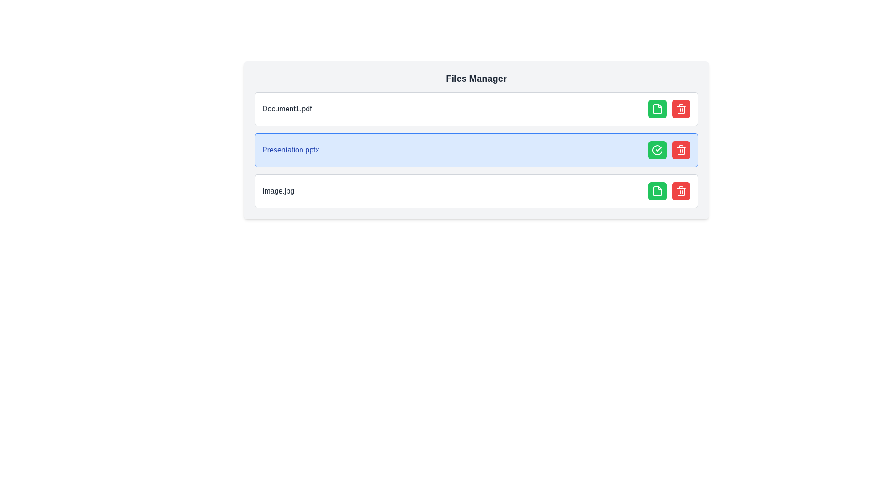 This screenshot has width=876, height=493. What do you see at coordinates (657, 149) in the screenshot?
I see `the green button with a checkmark icon located in the second row, first position to observe the style change` at bounding box center [657, 149].